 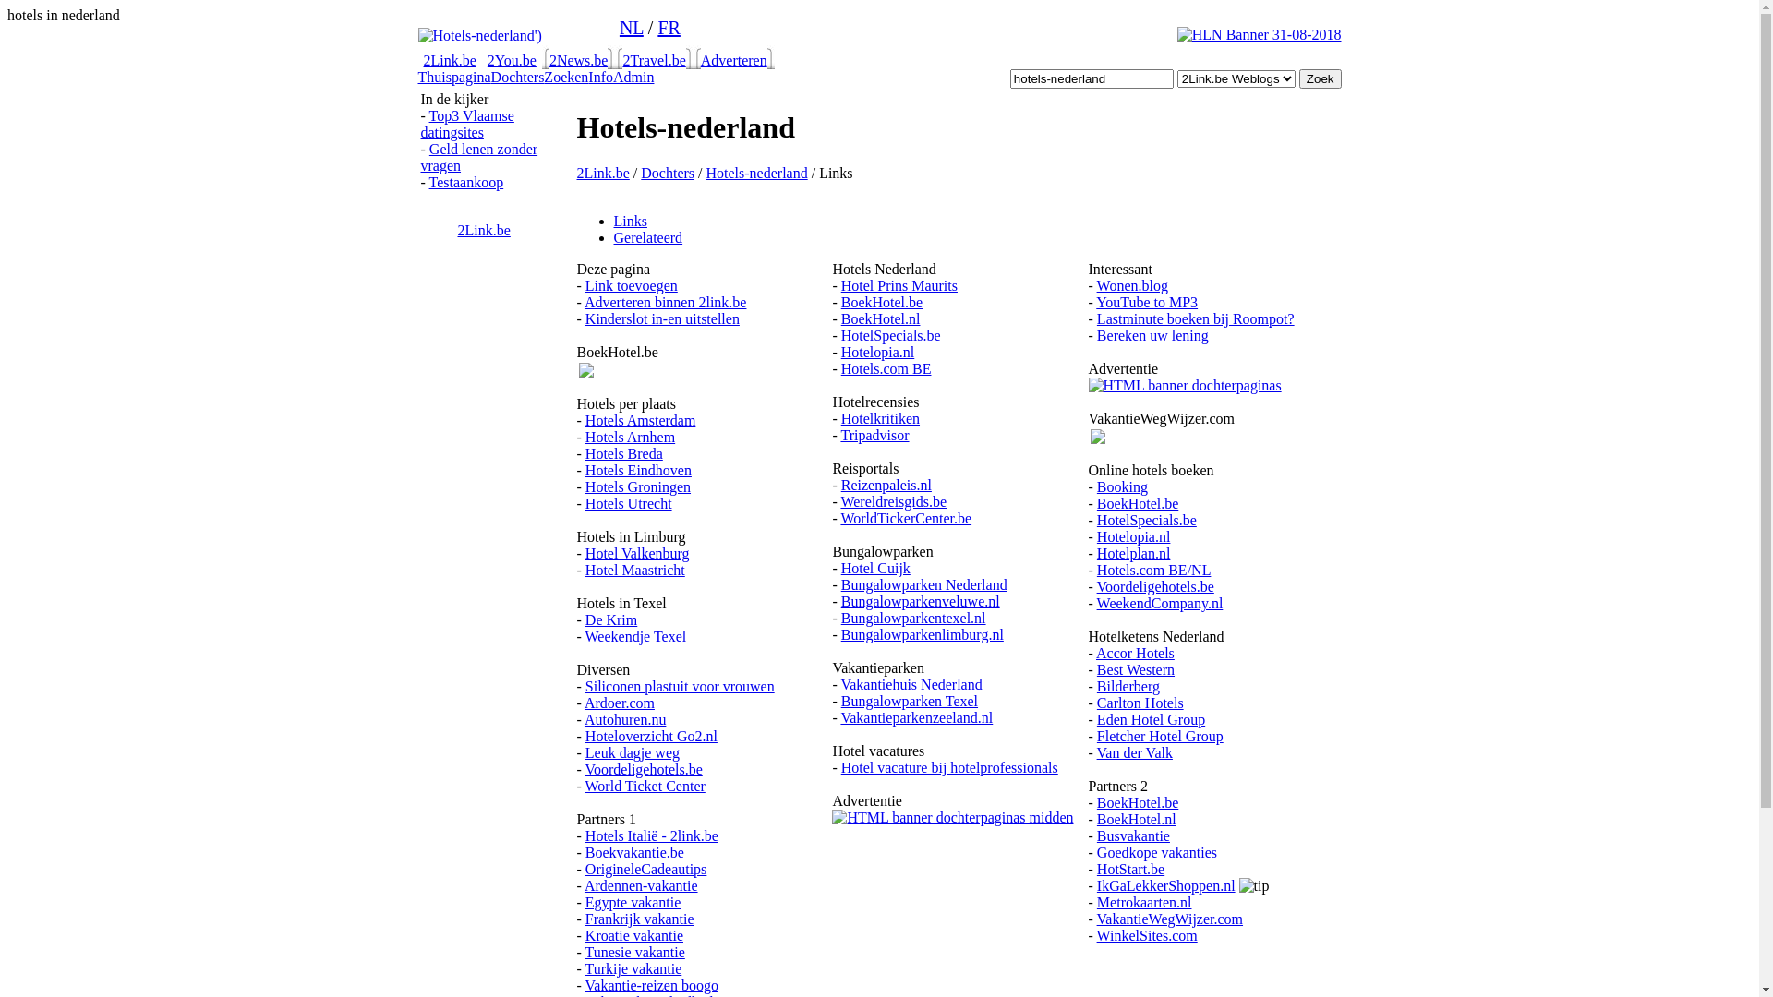 I want to click on 'Adverteren', so click(x=733, y=59).